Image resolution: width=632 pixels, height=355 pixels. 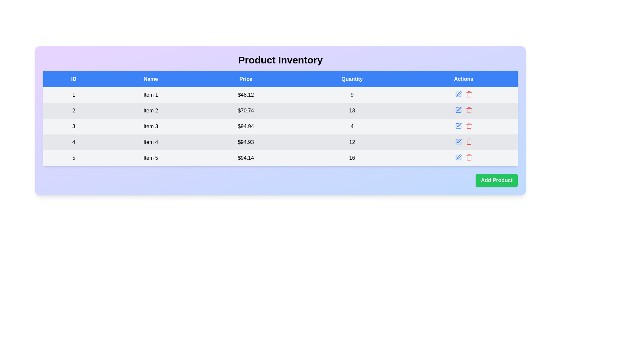 I want to click on the pen-shaped icon located in the 'Actions' column of the first row in the 'Product Inventory' table, so click(x=459, y=93).